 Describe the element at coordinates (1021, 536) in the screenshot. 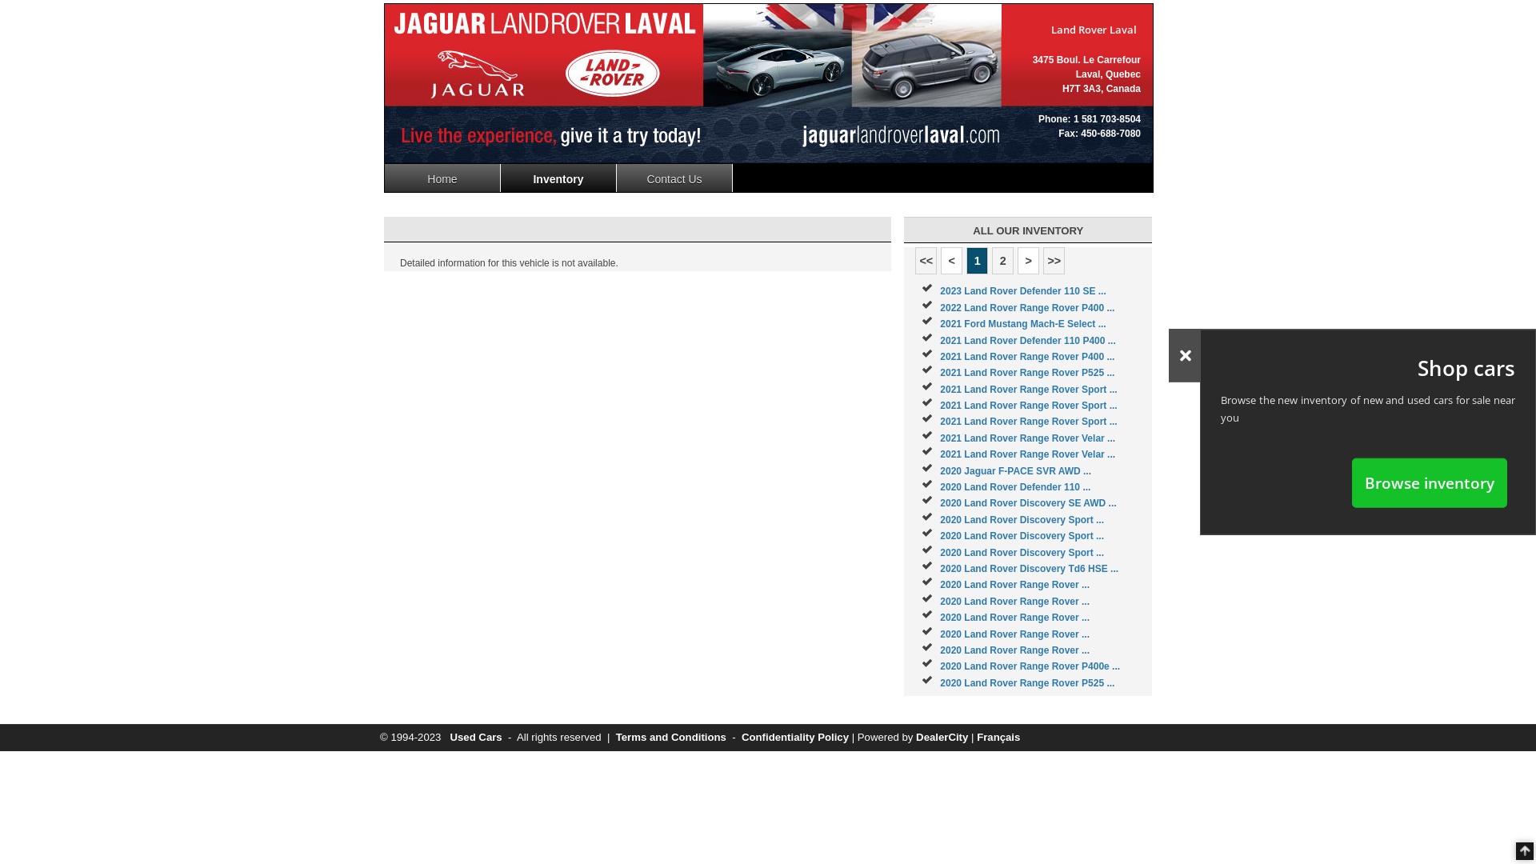

I see `'2020 Land Rover Discovery Sport ...'` at that location.